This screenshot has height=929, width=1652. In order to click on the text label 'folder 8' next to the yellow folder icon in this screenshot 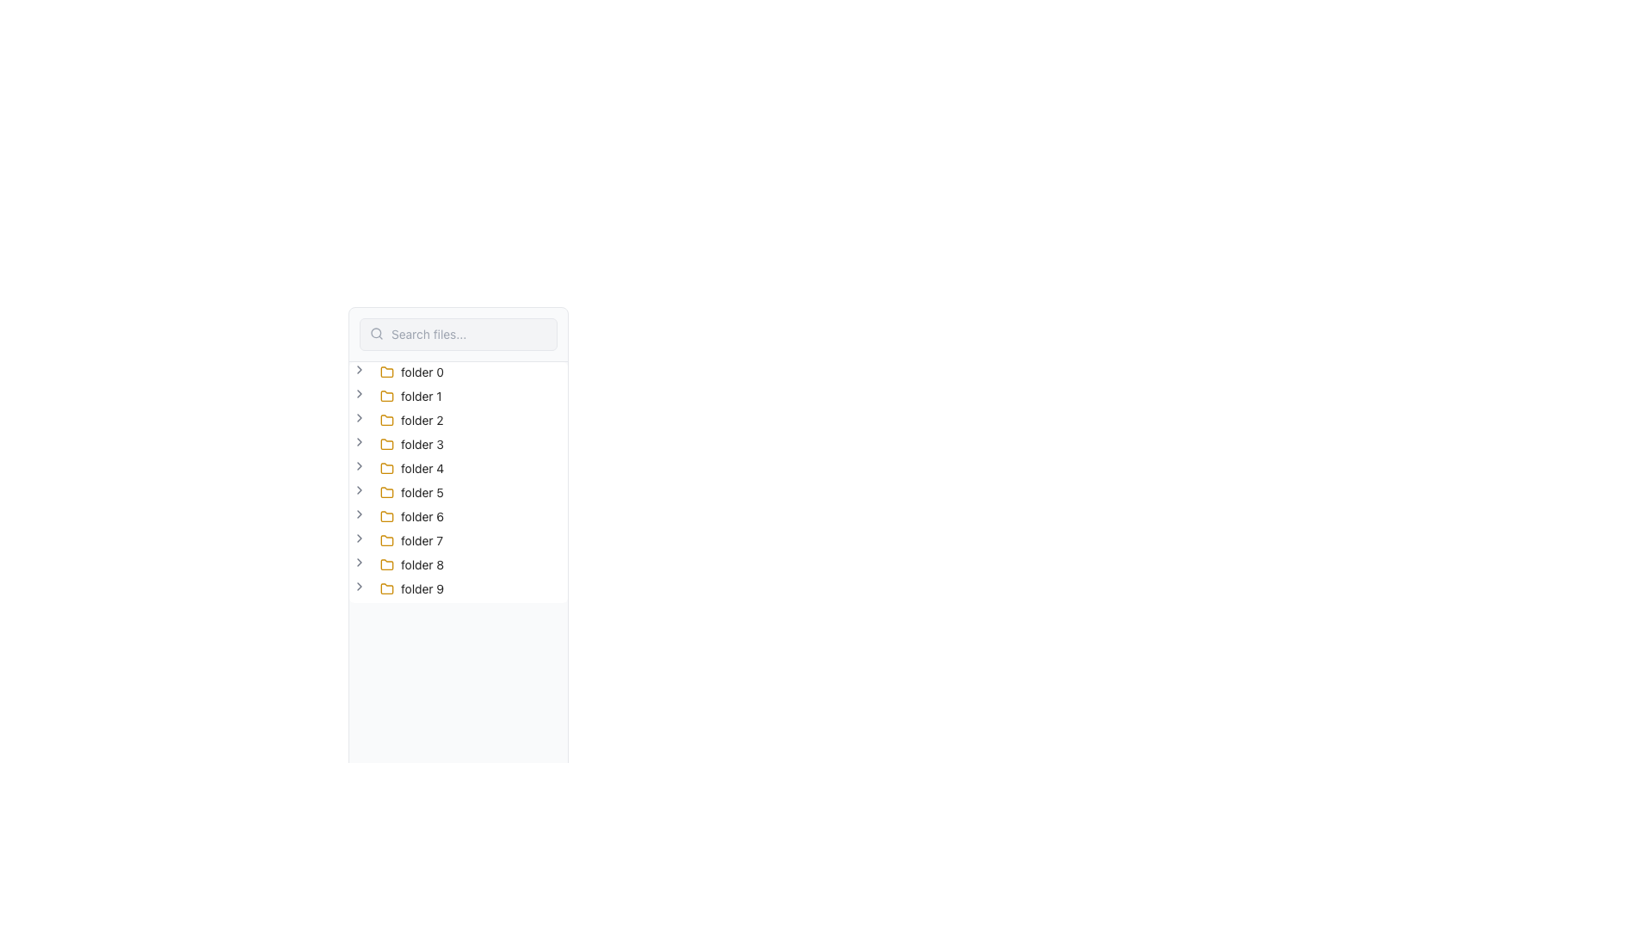, I will do `click(422, 564)`.